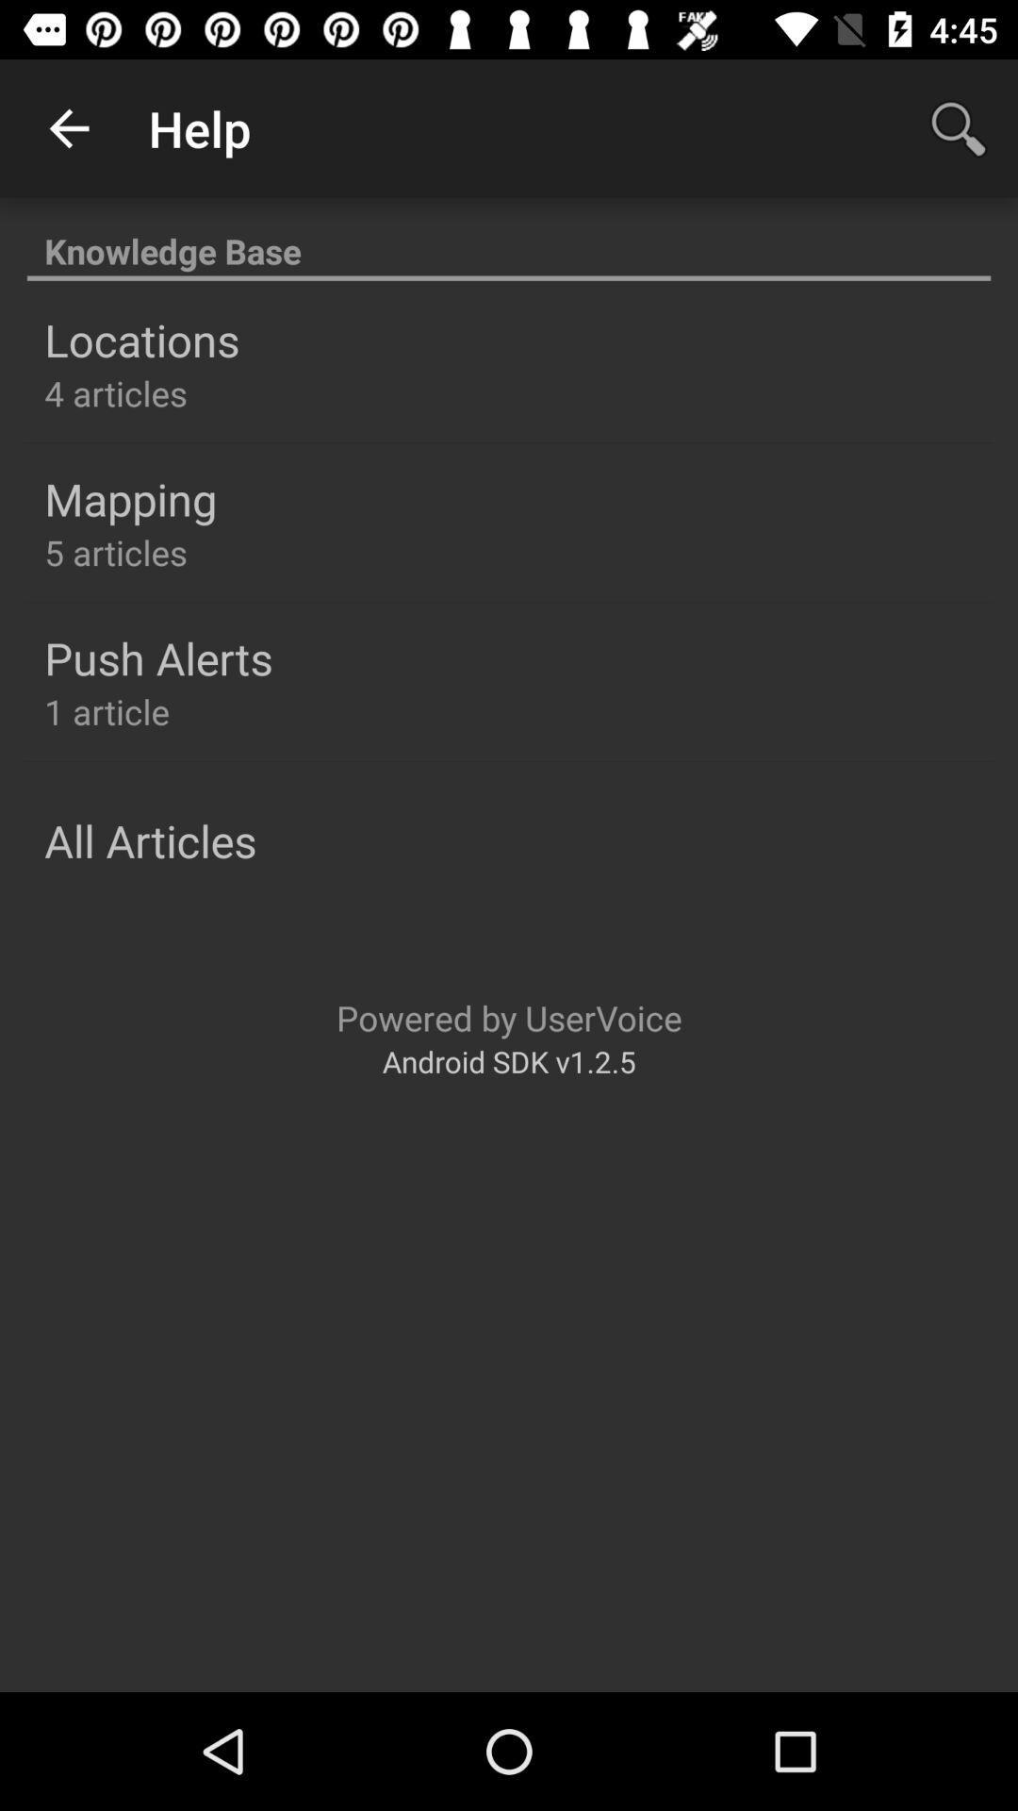 The image size is (1018, 1811). What do you see at coordinates (107, 710) in the screenshot?
I see `item below push alerts` at bounding box center [107, 710].